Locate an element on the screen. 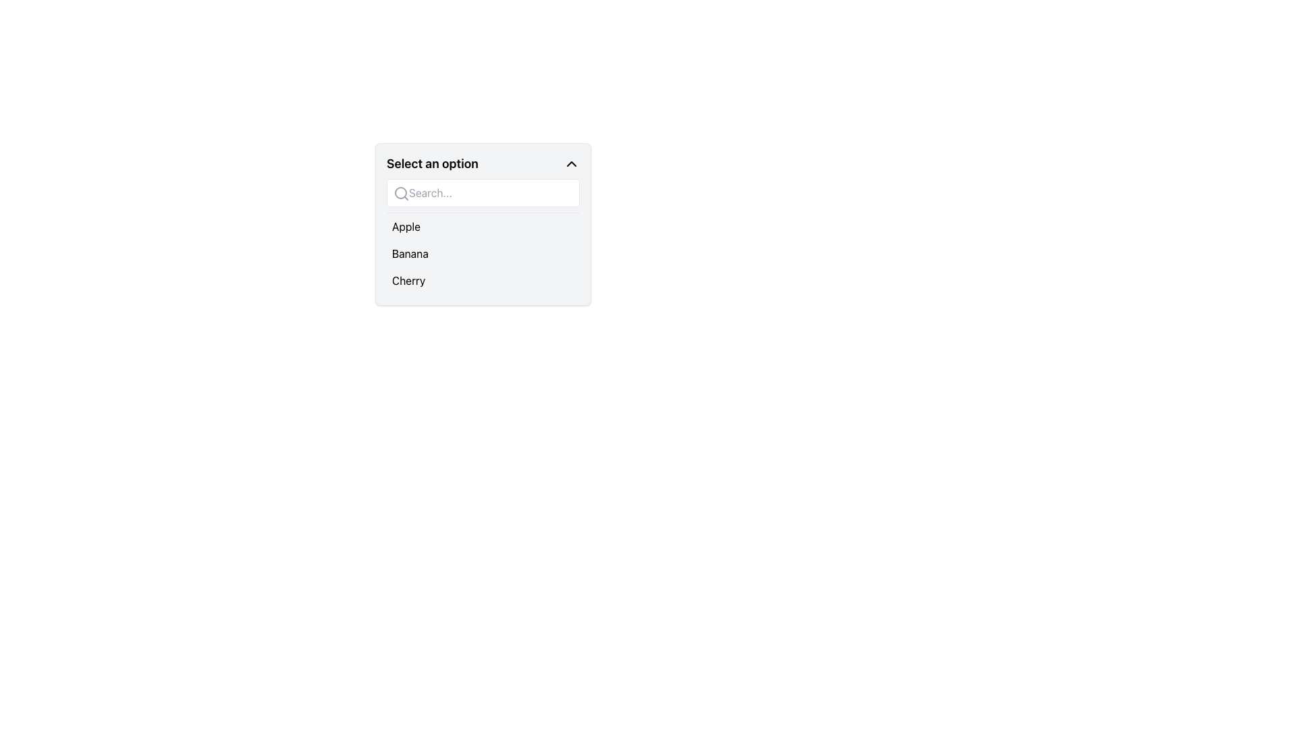 The image size is (1296, 729). the 'Cherry' option in the dropdown menu is located at coordinates (483, 280).